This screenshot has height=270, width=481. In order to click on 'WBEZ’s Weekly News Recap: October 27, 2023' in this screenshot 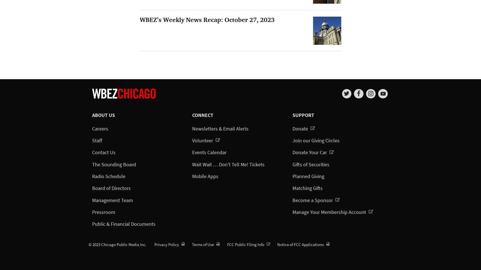, I will do `click(207, 19)`.